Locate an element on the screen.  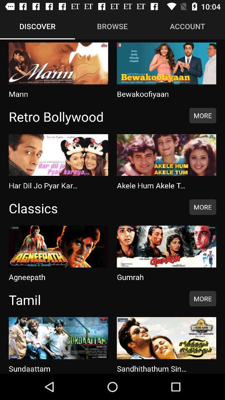
item to the left of the more icon is located at coordinates (94, 300).